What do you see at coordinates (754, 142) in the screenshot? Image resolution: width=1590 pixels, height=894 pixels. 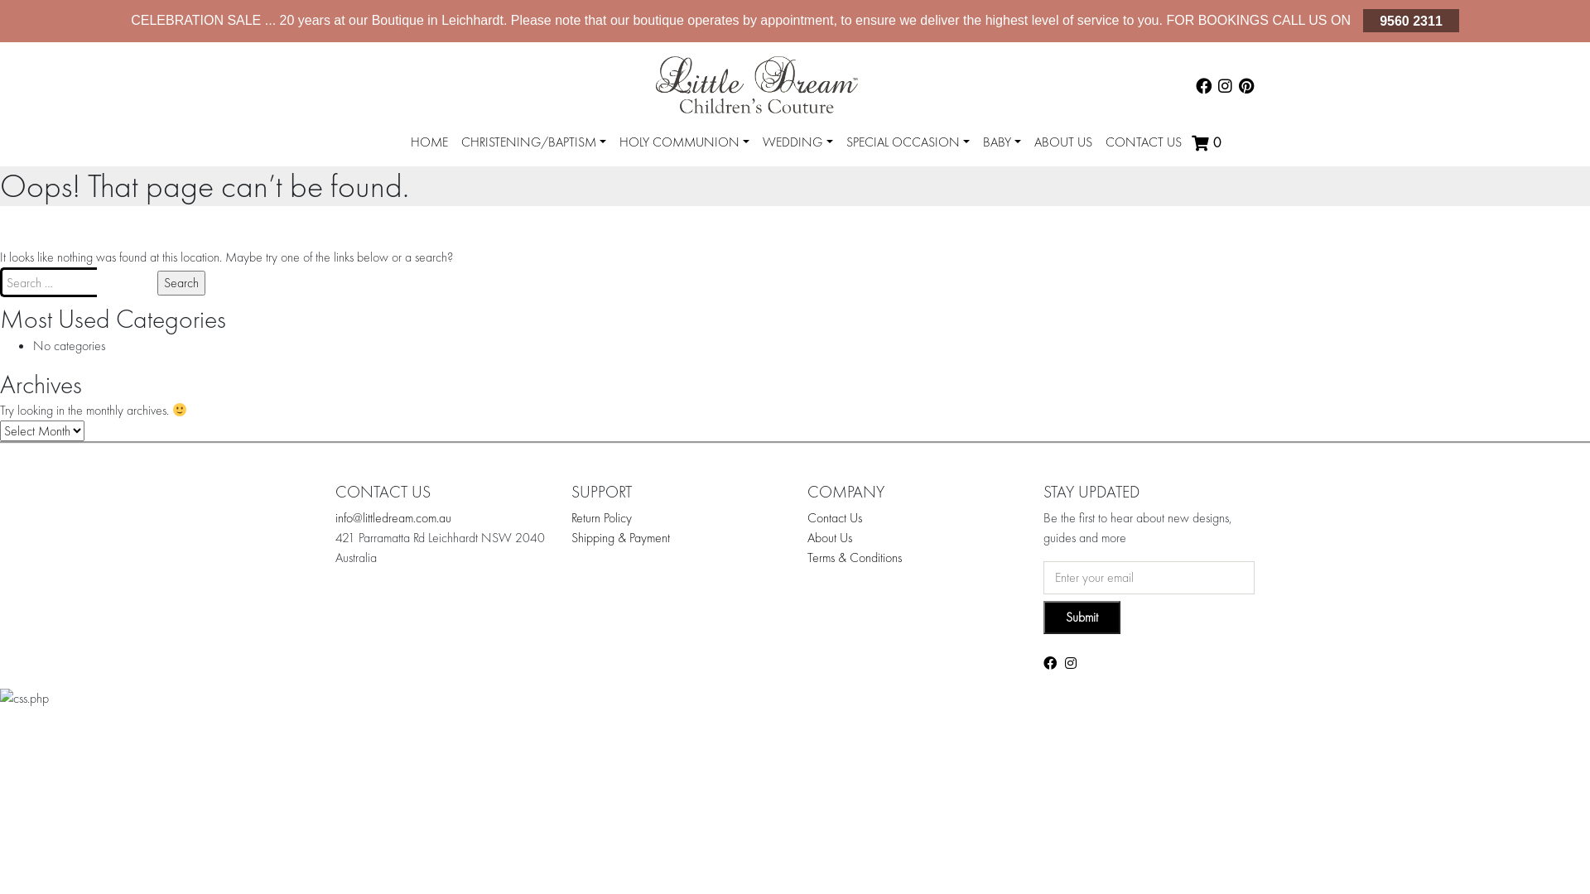 I see `'WEDDING'` at bounding box center [754, 142].